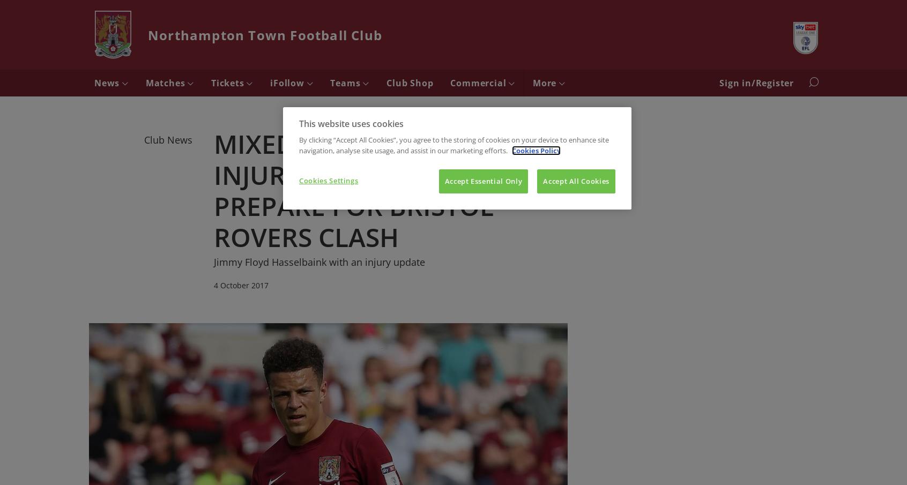  I want to click on 'Jimmy Floyd Hasselbaink with an injury update', so click(213, 261).